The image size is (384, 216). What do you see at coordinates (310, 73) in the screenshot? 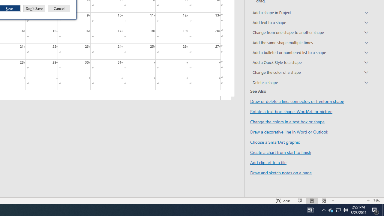
I see `'Change the color of a shape'` at bounding box center [310, 73].